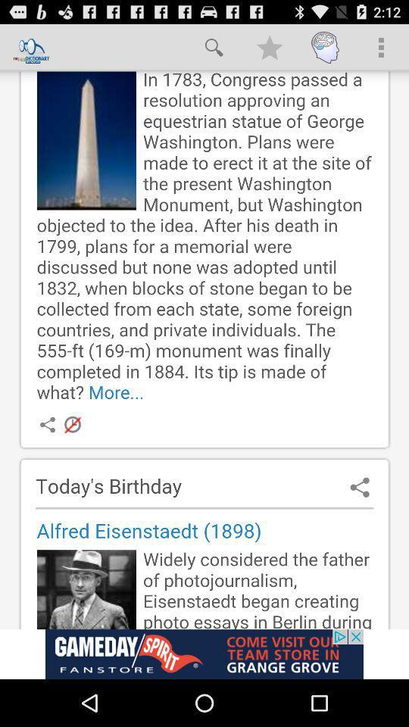 The image size is (409, 727). Describe the element at coordinates (204, 654) in the screenshot. I see `advertisement icon` at that location.